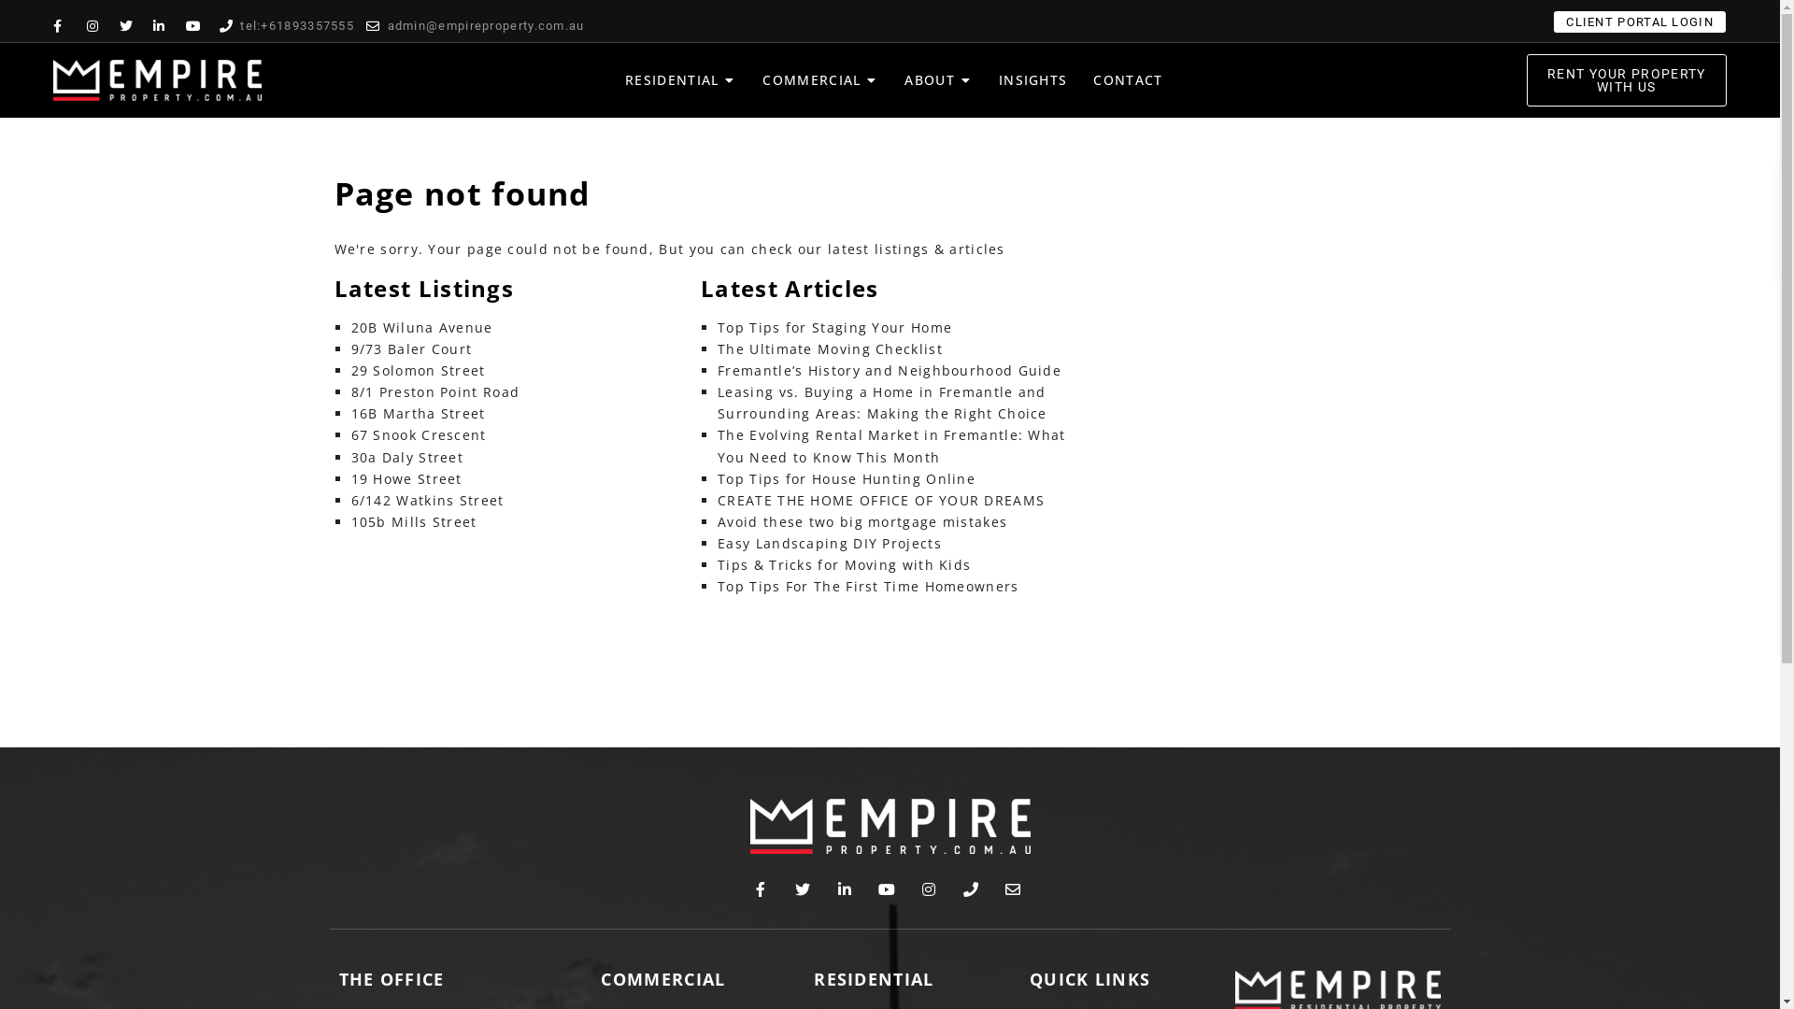 The width and height of the screenshot is (1794, 1009). I want to click on 'INSIGHTS', so click(1032, 78).